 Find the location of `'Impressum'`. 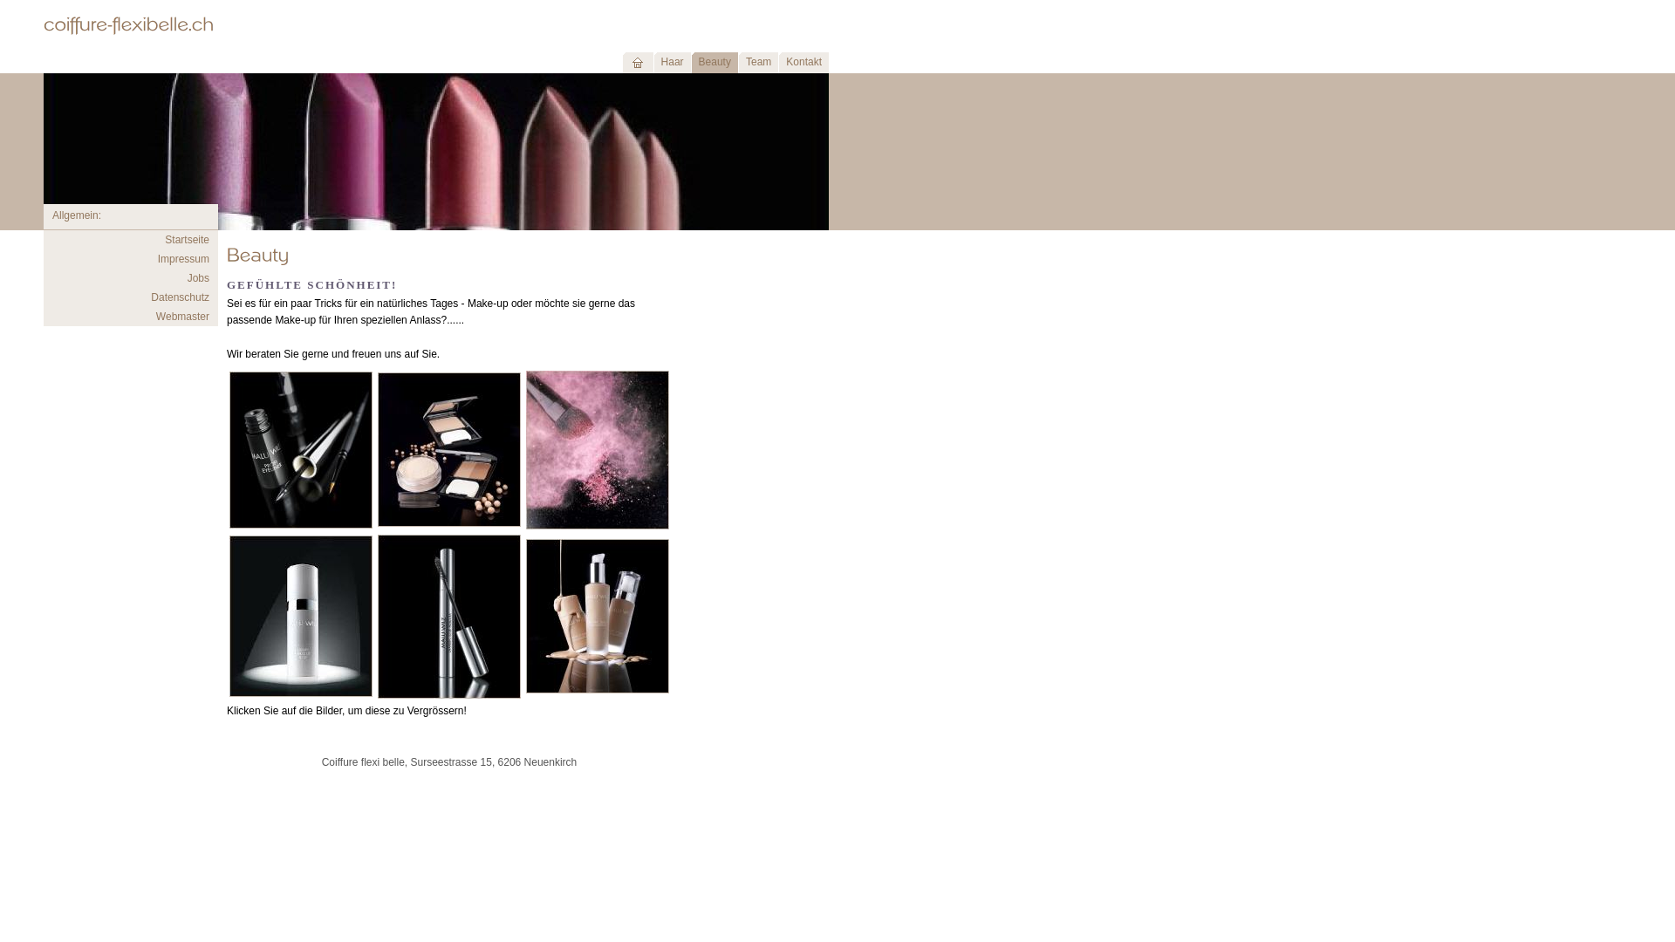

'Impressum' is located at coordinates (183, 259).